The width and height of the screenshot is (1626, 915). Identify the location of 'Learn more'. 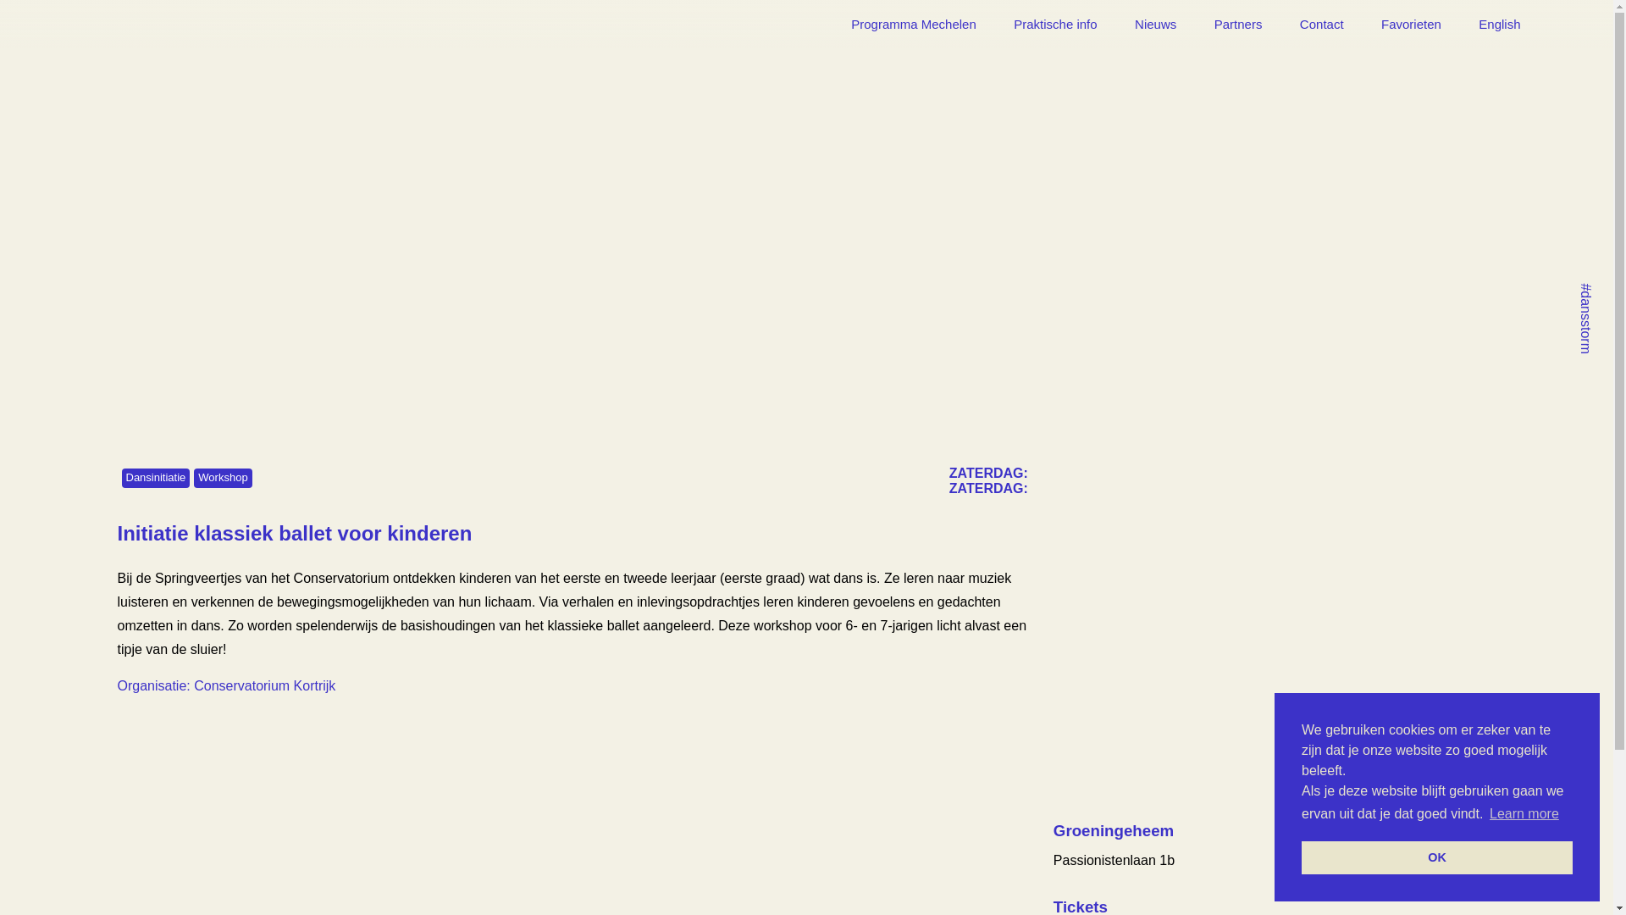
(1524, 812).